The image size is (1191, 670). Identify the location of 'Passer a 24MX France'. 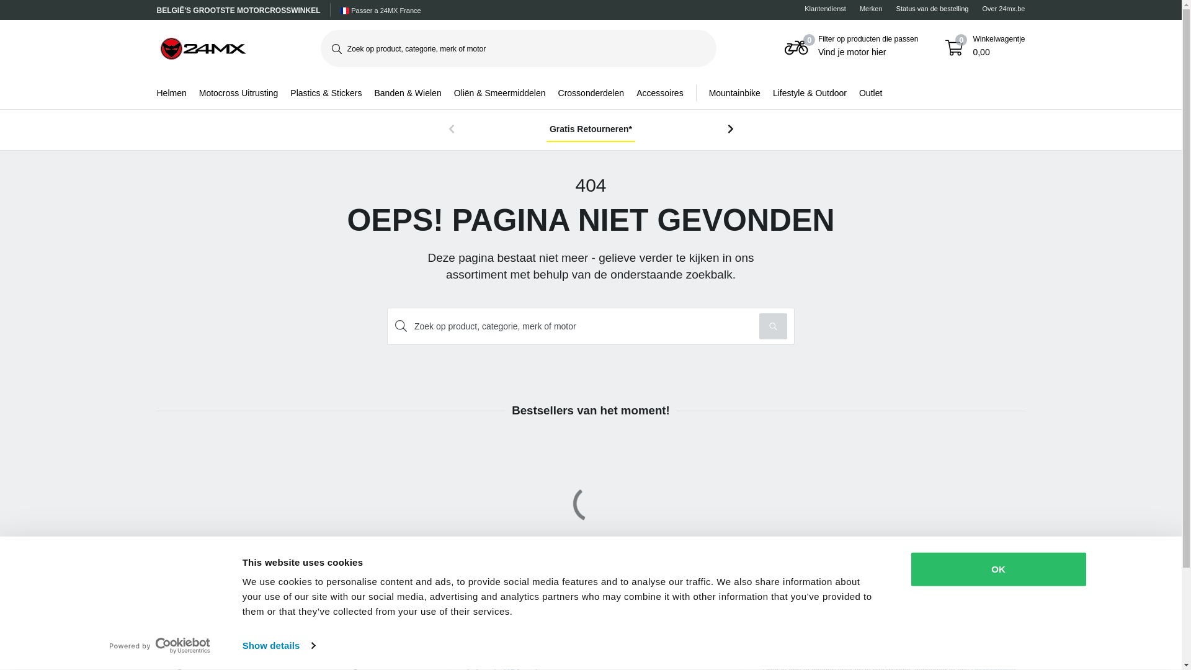
(380, 11).